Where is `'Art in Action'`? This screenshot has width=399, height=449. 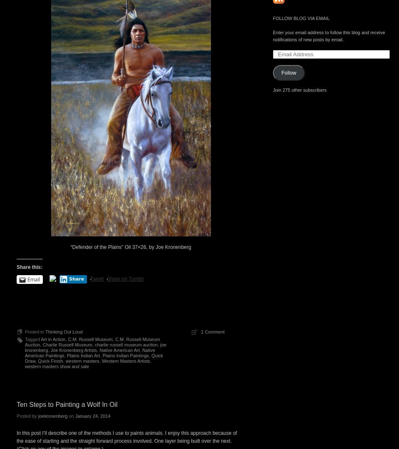
'Art in Action' is located at coordinates (53, 339).